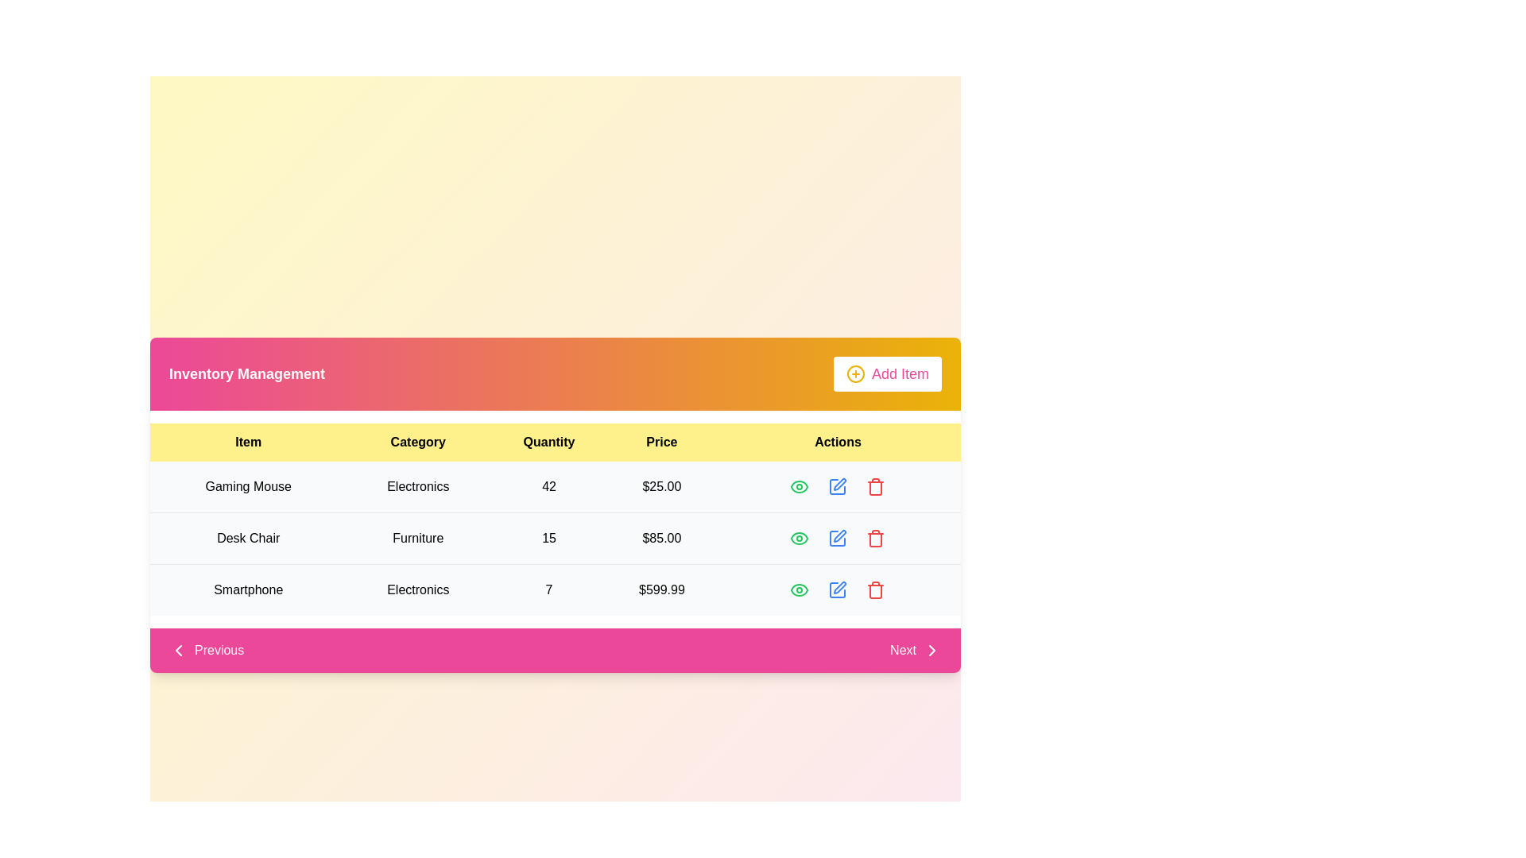 The width and height of the screenshot is (1526, 858). What do you see at coordinates (247, 538) in the screenshot?
I see `the text label displaying the product name 'Desk Chair'` at bounding box center [247, 538].